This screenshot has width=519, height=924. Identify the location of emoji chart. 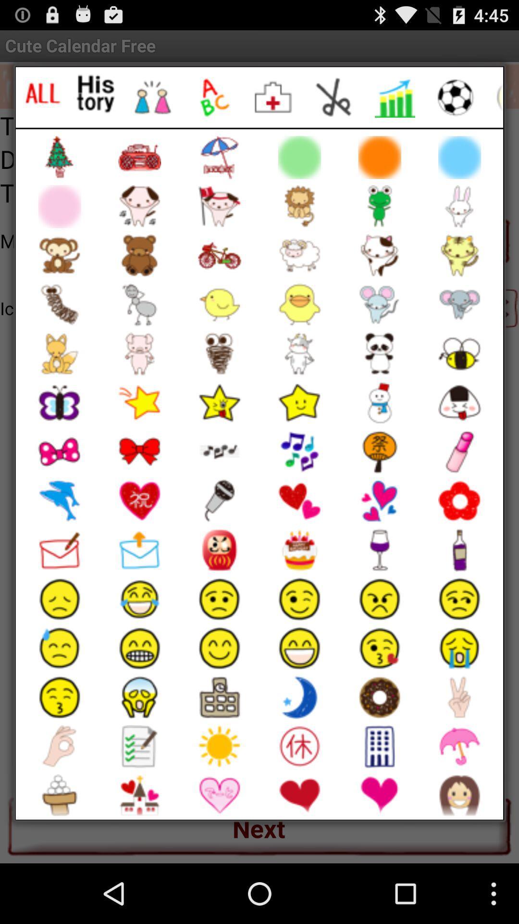
(395, 97).